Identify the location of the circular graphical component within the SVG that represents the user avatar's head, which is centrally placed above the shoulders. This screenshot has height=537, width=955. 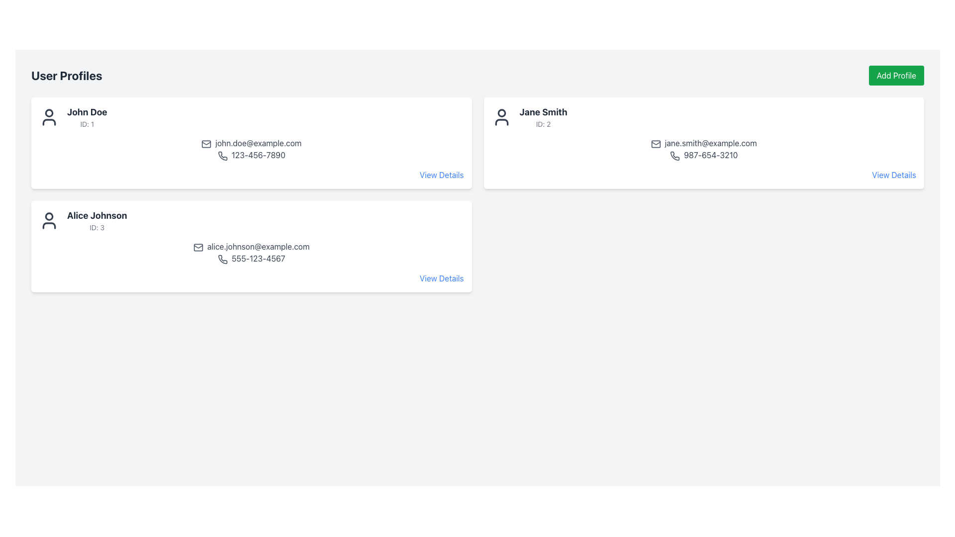
(49, 216).